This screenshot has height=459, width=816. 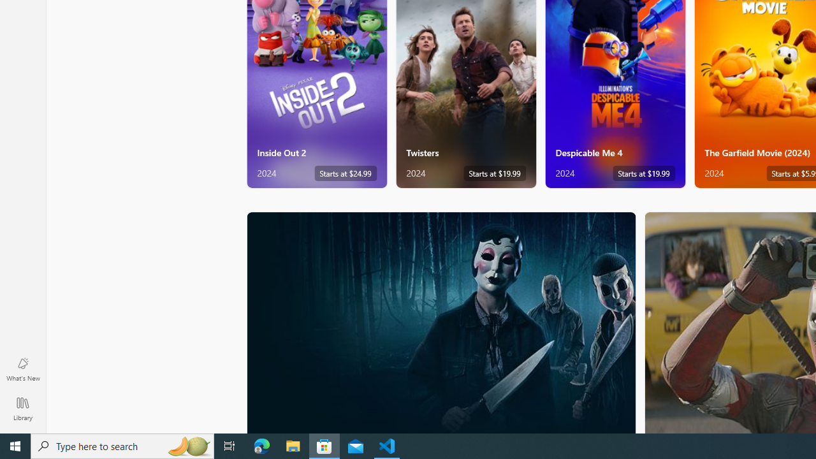 I want to click on 'AutomationID: PosterImage', so click(x=441, y=322).